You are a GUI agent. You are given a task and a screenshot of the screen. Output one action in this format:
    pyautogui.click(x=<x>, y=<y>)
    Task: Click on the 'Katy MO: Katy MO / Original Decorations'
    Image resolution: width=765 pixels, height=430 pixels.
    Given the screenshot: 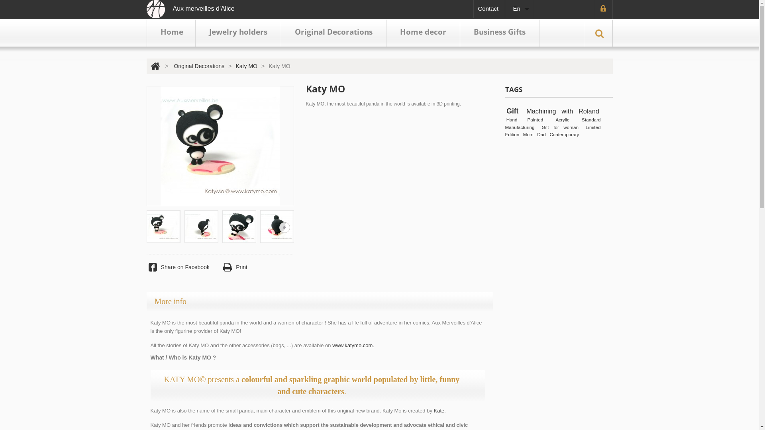 What is the action you would take?
    pyautogui.click(x=163, y=227)
    